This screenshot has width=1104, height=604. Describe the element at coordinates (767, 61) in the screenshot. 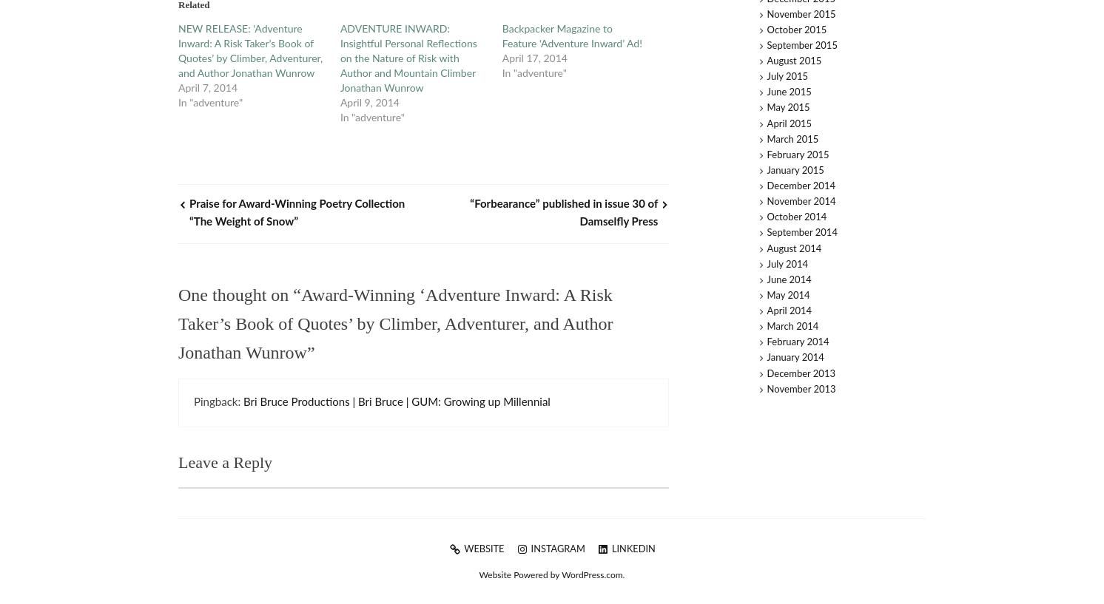

I see `'August 2015'` at that location.